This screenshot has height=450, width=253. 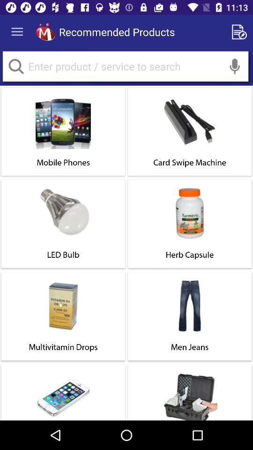 I want to click on the search icon, so click(x=15, y=66).